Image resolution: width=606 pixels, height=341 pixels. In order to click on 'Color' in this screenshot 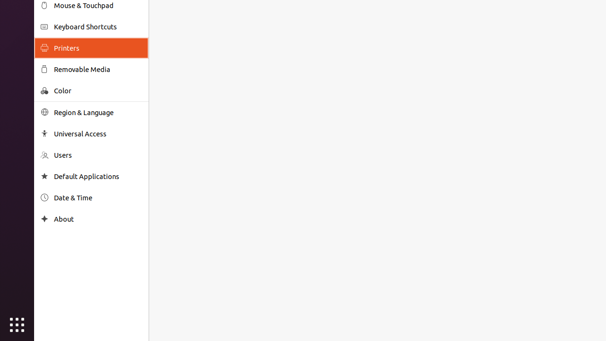, I will do `click(98, 90)`.